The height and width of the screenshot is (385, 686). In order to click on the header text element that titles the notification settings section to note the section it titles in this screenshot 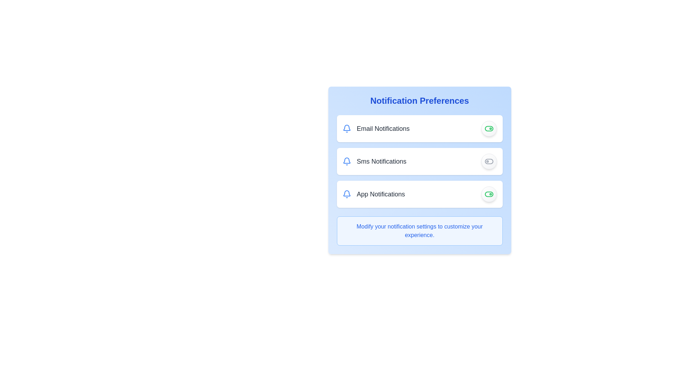, I will do `click(419, 101)`.